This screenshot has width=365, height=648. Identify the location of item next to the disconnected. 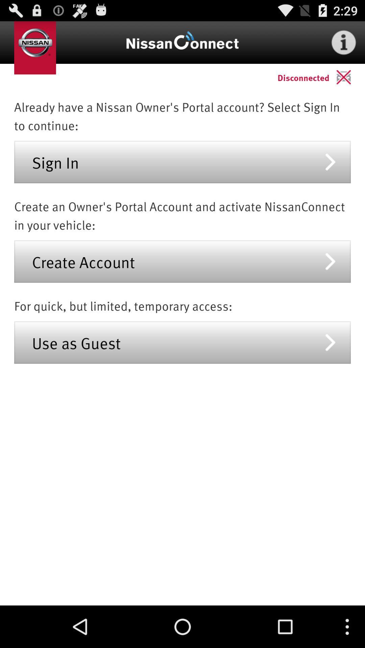
(350, 77).